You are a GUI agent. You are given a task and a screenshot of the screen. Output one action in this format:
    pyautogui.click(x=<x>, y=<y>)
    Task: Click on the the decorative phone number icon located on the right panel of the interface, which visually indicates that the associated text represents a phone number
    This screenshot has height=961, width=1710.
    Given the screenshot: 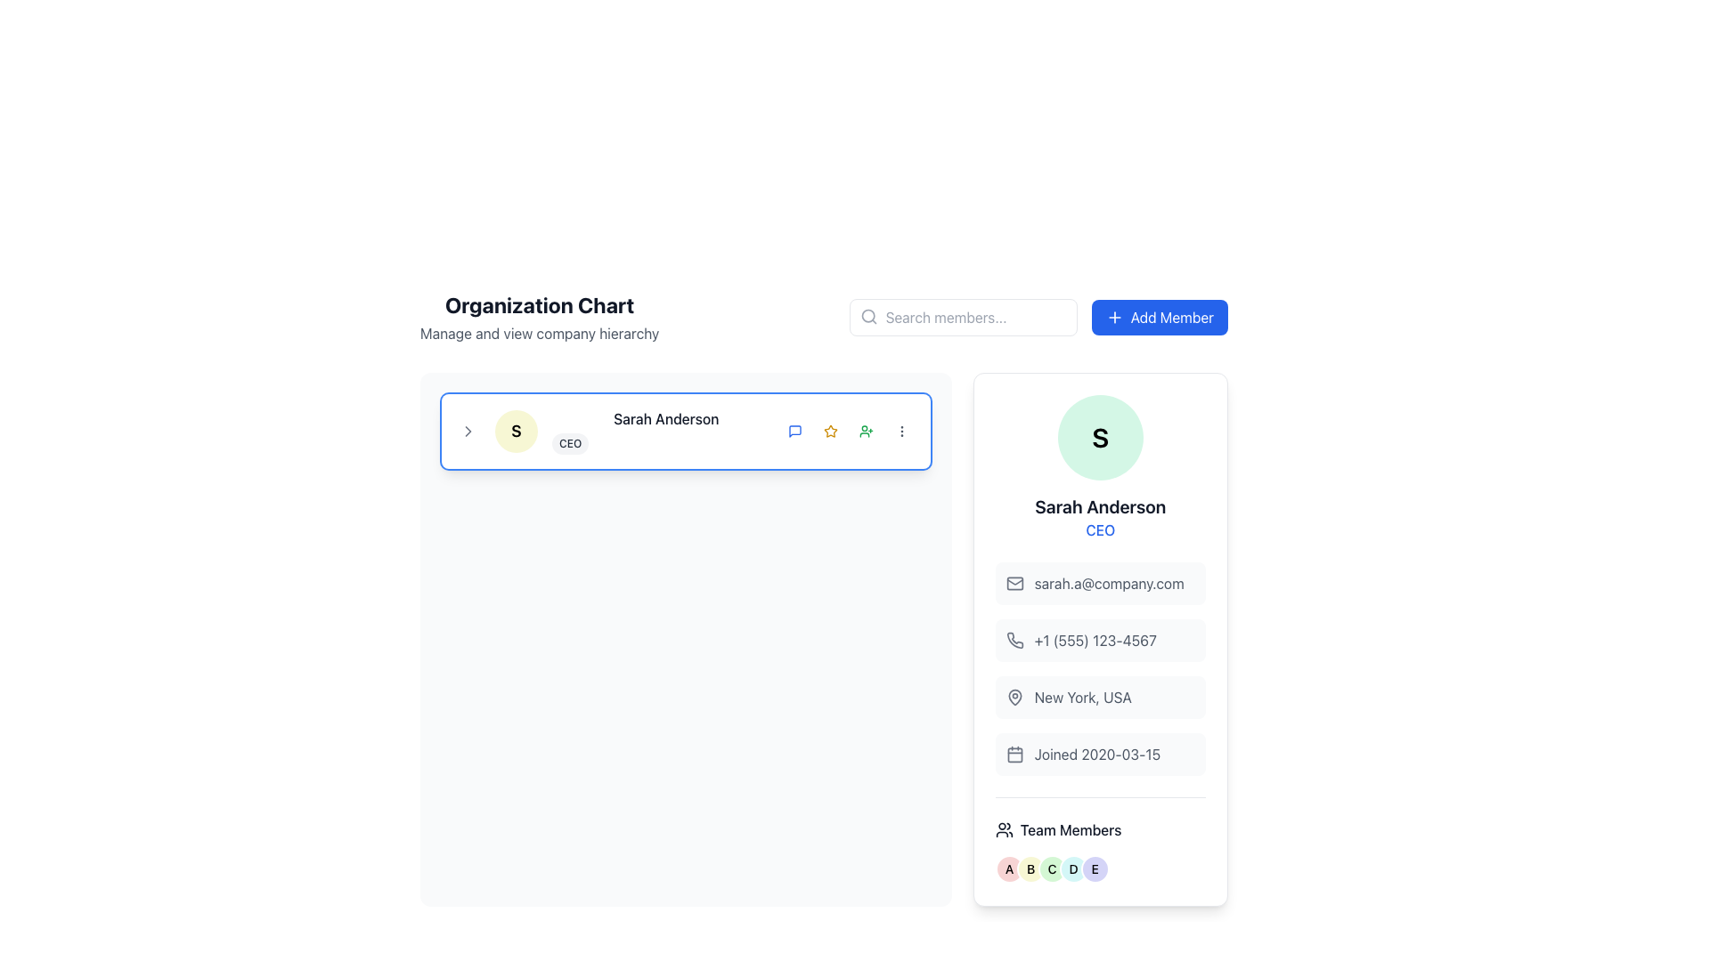 What is the action you would take?
    pyautogui.click(x=1014, y=639)
    